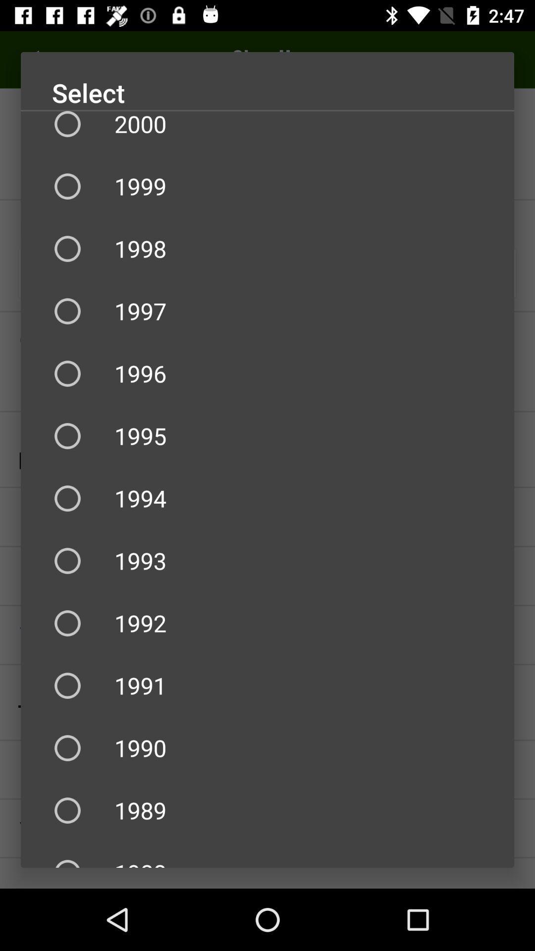 The width and height of the screenshot is (535, 951). I want to click on item below 1990 icon, so click(267, 810).